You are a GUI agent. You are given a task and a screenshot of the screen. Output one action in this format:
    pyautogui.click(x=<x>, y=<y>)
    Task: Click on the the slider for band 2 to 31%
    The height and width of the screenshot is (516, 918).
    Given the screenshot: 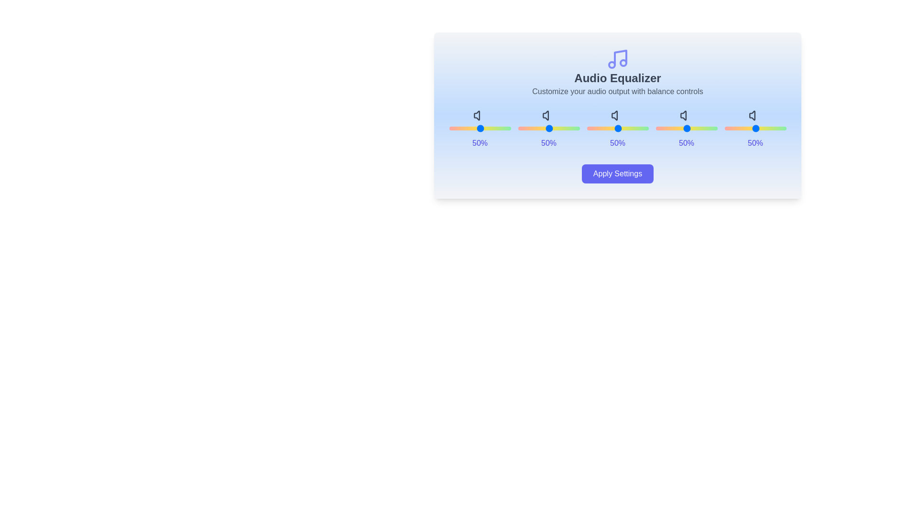 What is the action you would take?
    pyautogui.click(x=633, y=128)
    